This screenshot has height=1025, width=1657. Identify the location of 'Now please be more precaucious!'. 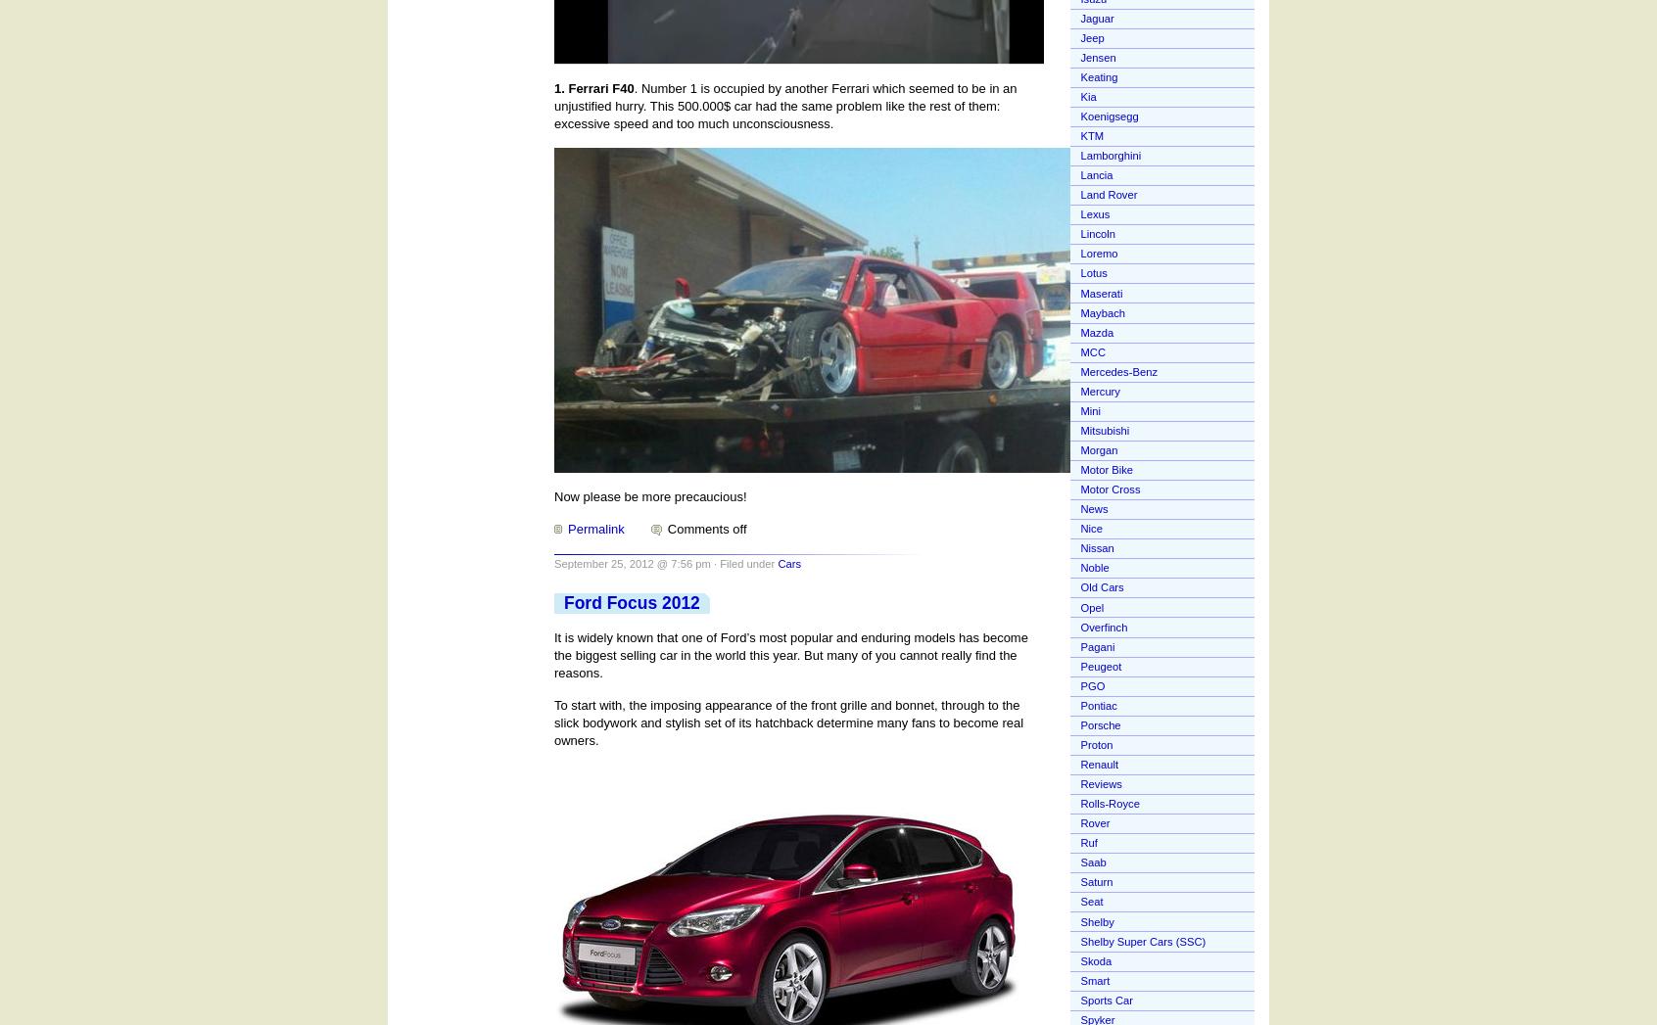
(649, 494).